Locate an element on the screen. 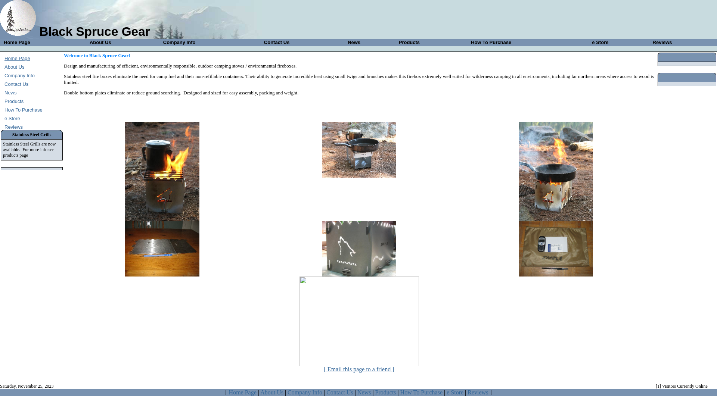 This screenshot has height=403, width=717. 'Reviews' is located at coordinates (477, 392).